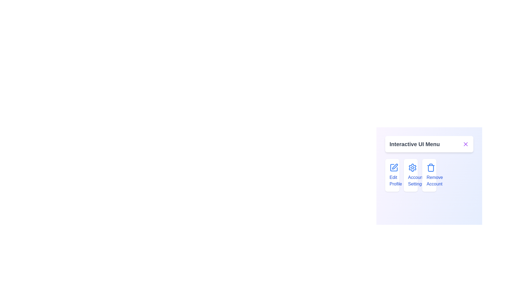 Image resolution: width=526 pixels, height=295 pixels. I want to click on the 'Edit Profile' menu item, so click(392, 175).